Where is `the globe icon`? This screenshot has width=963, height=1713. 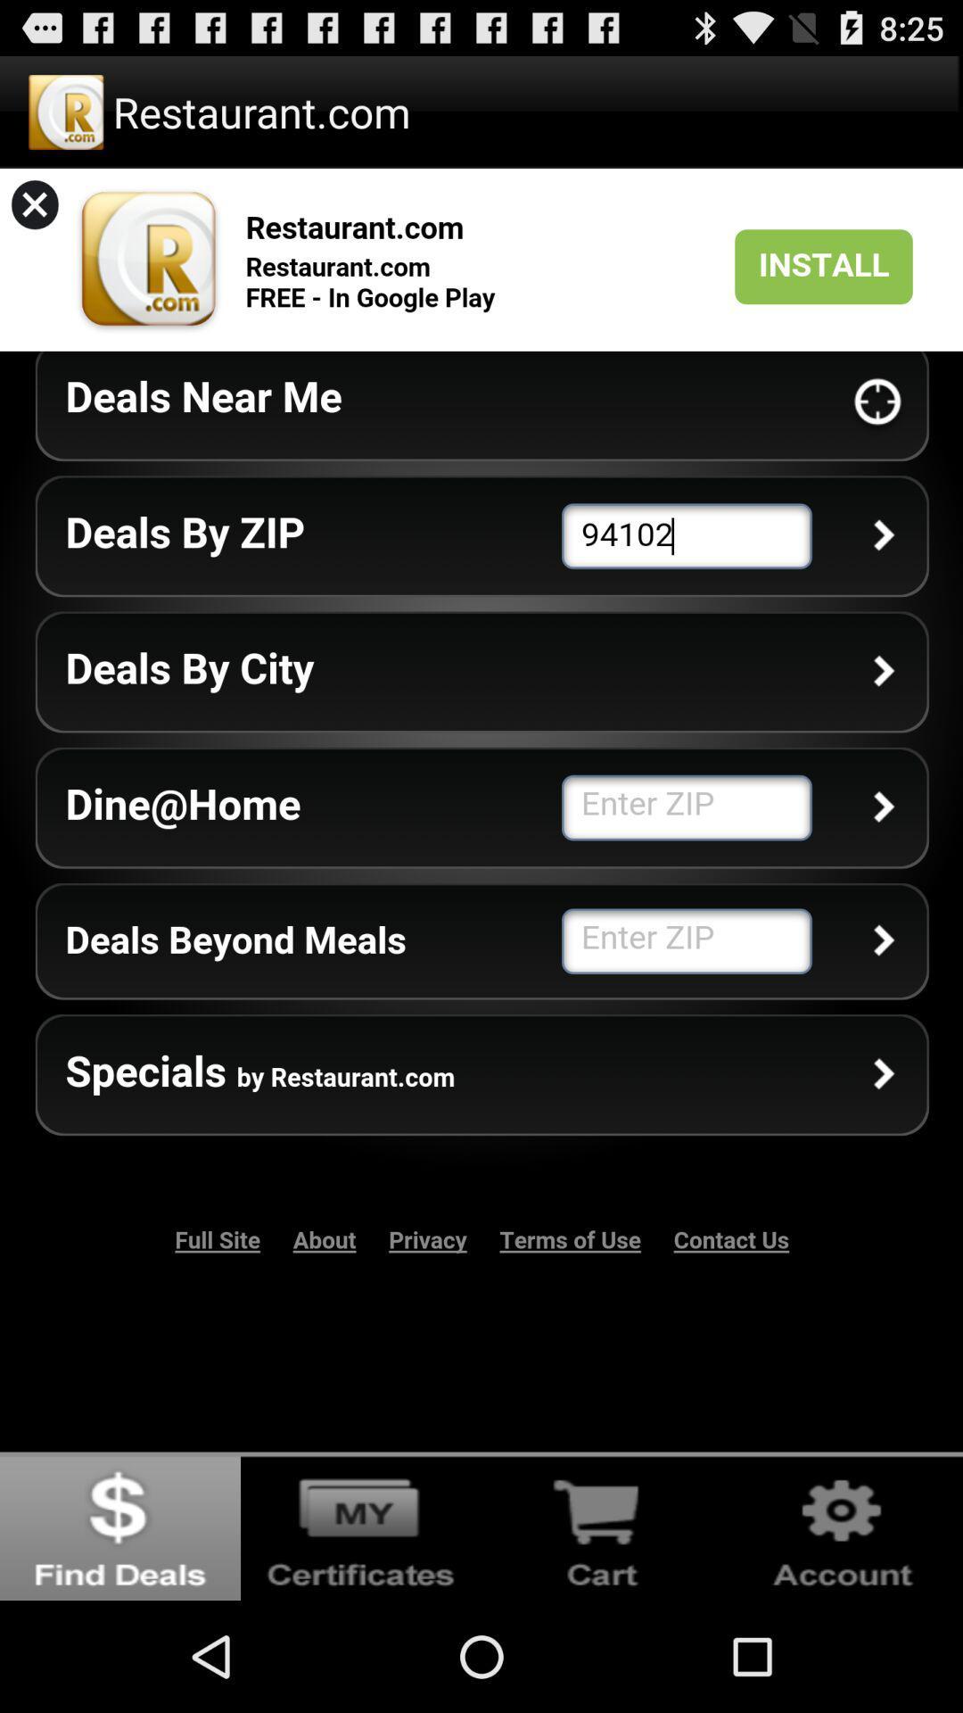 the globe icon is located at coordinates (120, 1633).